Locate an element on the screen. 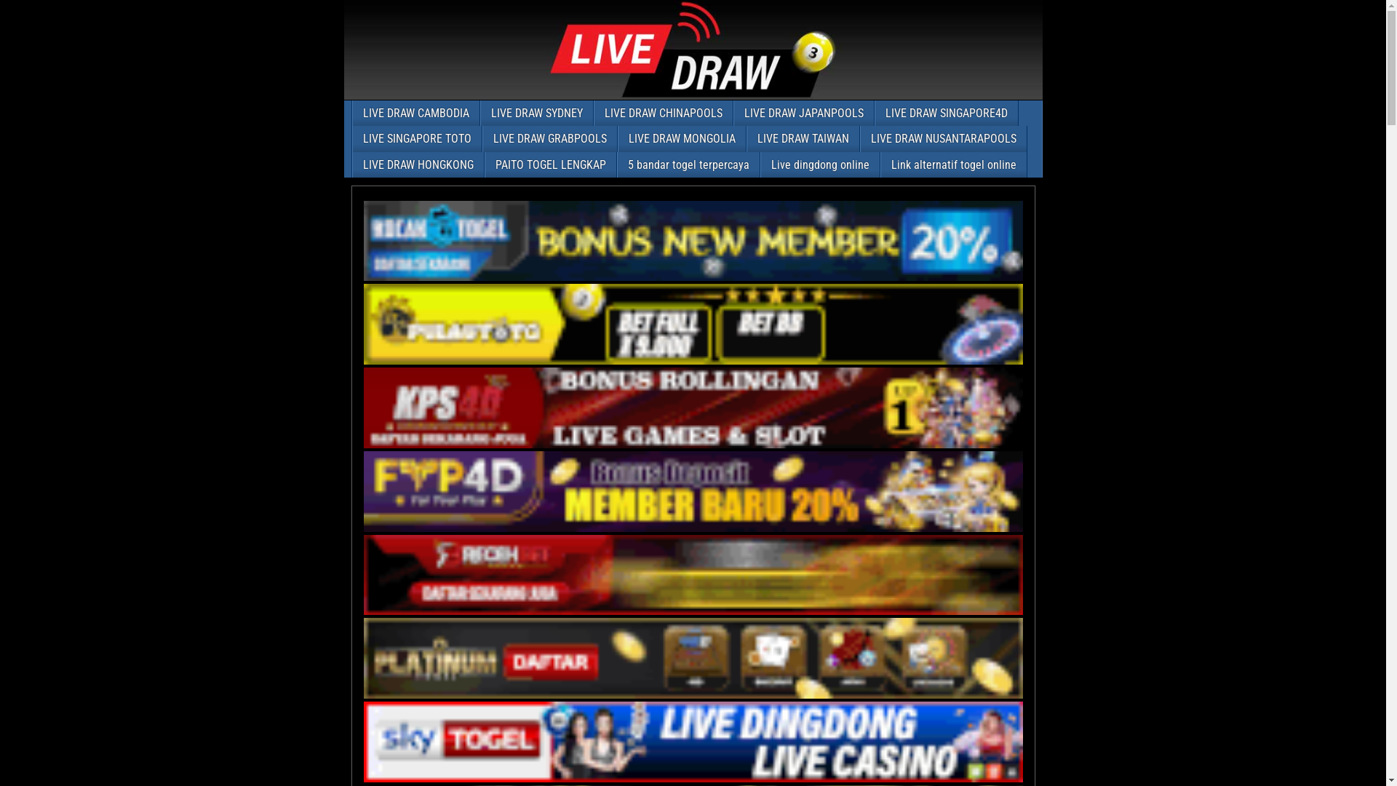 This screenshot has width=1397, height=786. 'LIVE DRAW CAMBODIA' is located at coordinates (352, 112).